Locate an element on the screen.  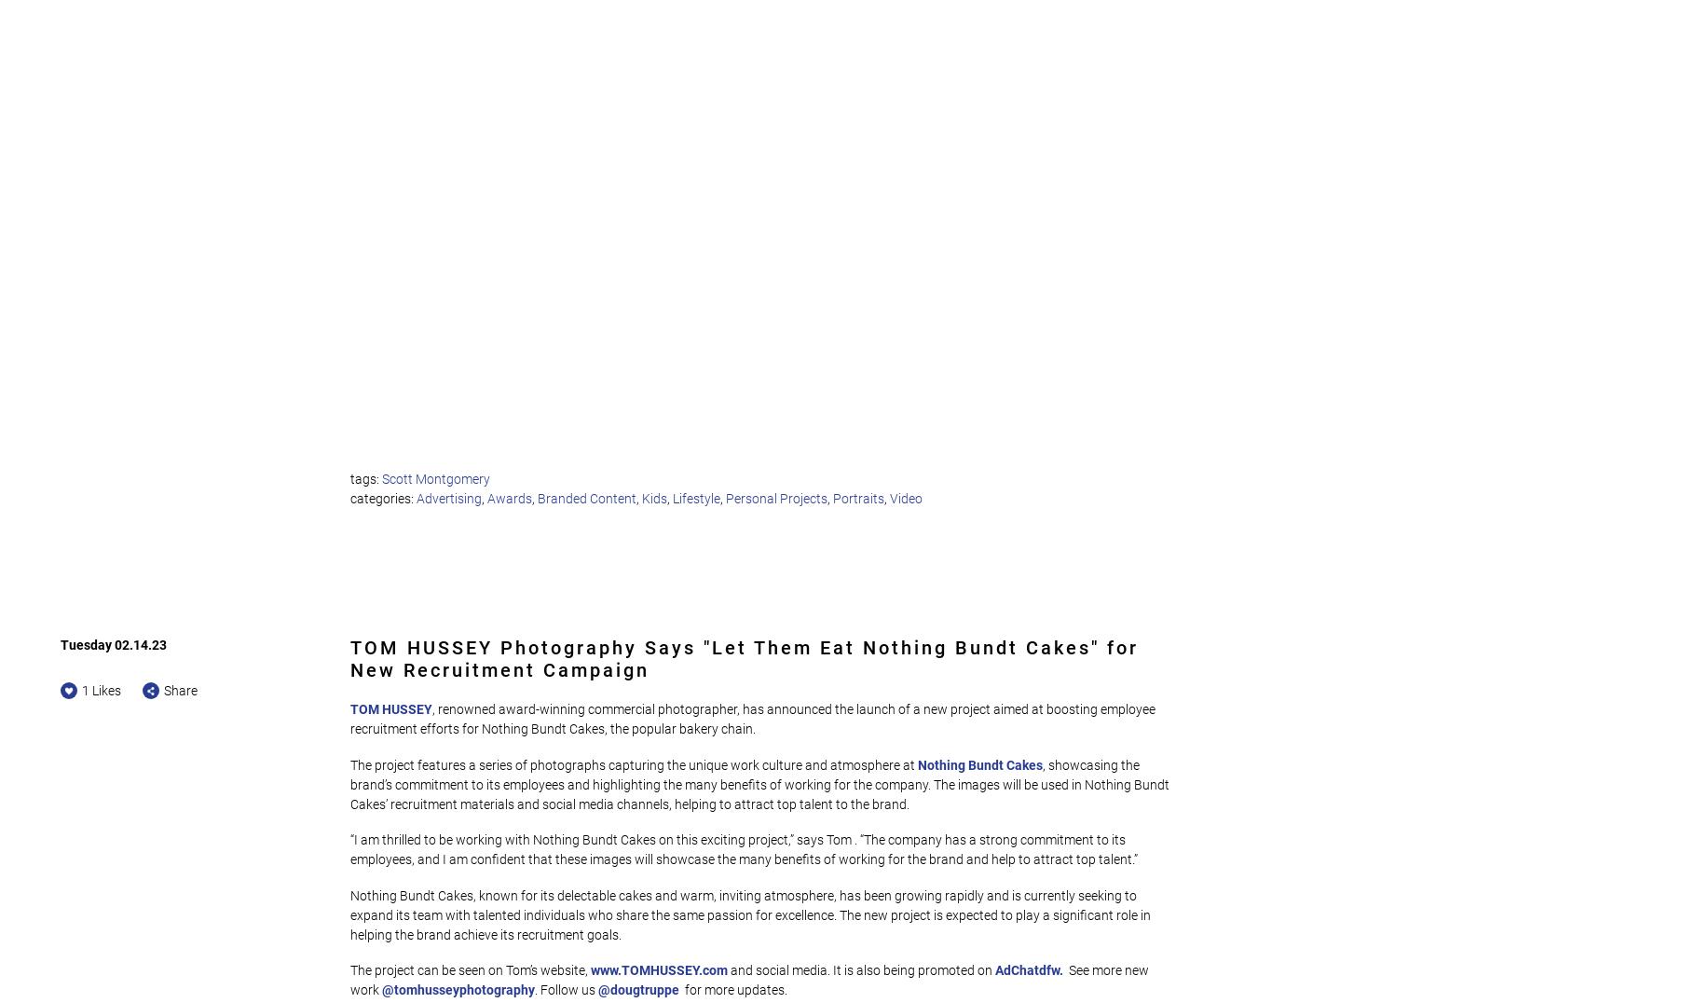
'Lifestyle' is located at coordinates (695, 498).